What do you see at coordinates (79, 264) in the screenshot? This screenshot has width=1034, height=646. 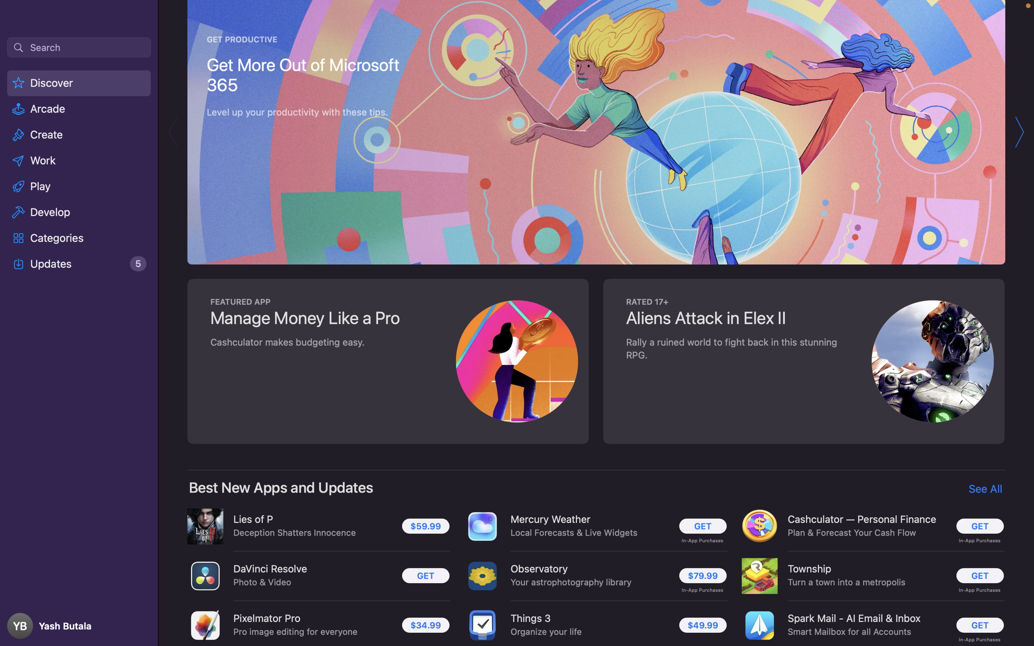 I see `the "Updates" option on the screen and click it` at bounding box center [79, 264].